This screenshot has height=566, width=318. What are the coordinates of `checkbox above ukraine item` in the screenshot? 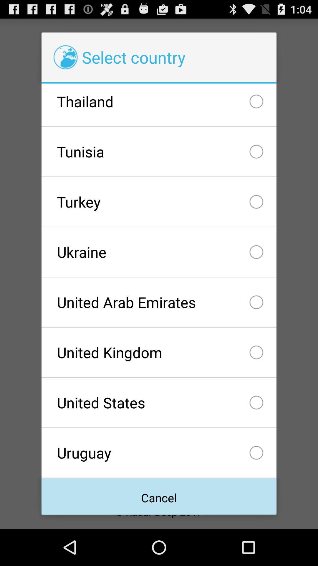 It's located at (159, 202).